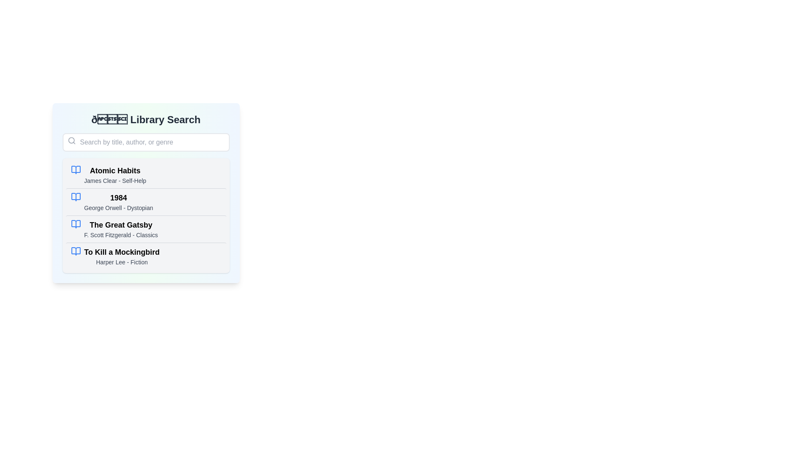  I want to click on the text label that provides metadata about the book 'To Kill a Mockingbird', located directly under its title as the fourth item in the list, so click(121, 262).